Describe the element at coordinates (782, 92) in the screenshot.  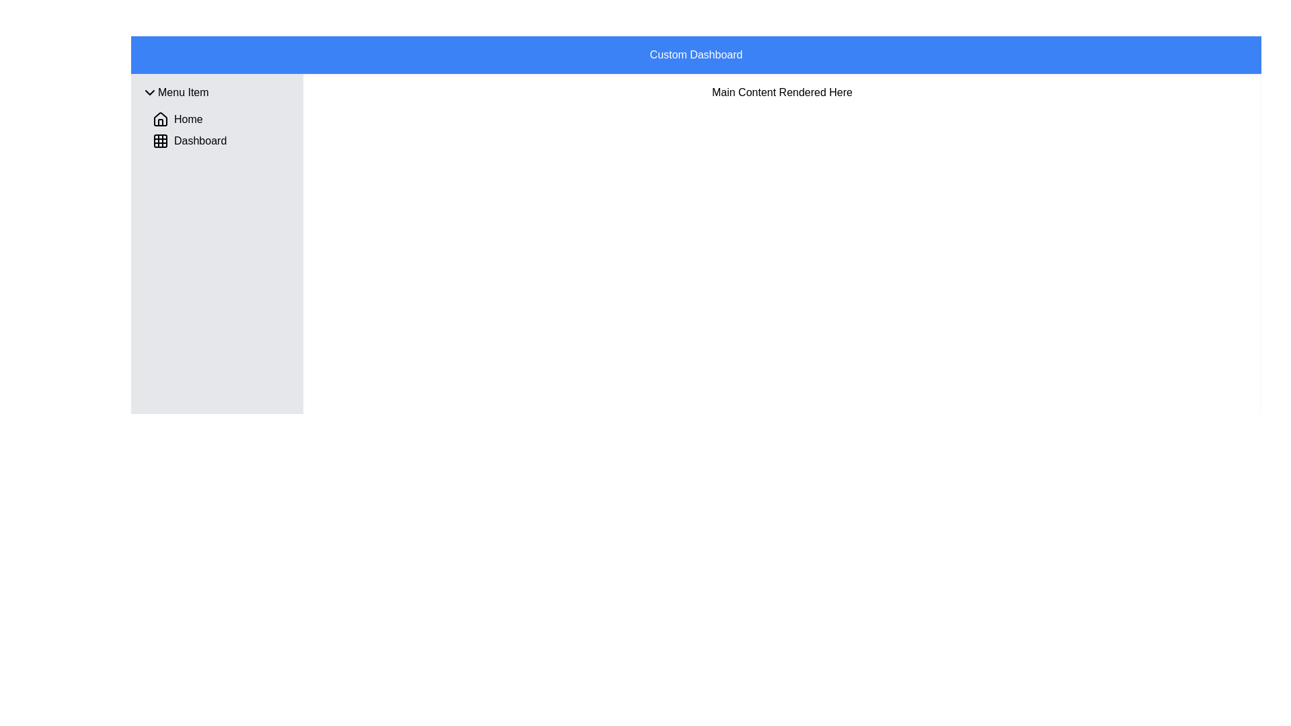
I see `the text element that reads 'Main Content Rendered Here', which is centrally placed beneath the blue header labeled 'Custom Dashboard'` at that location.